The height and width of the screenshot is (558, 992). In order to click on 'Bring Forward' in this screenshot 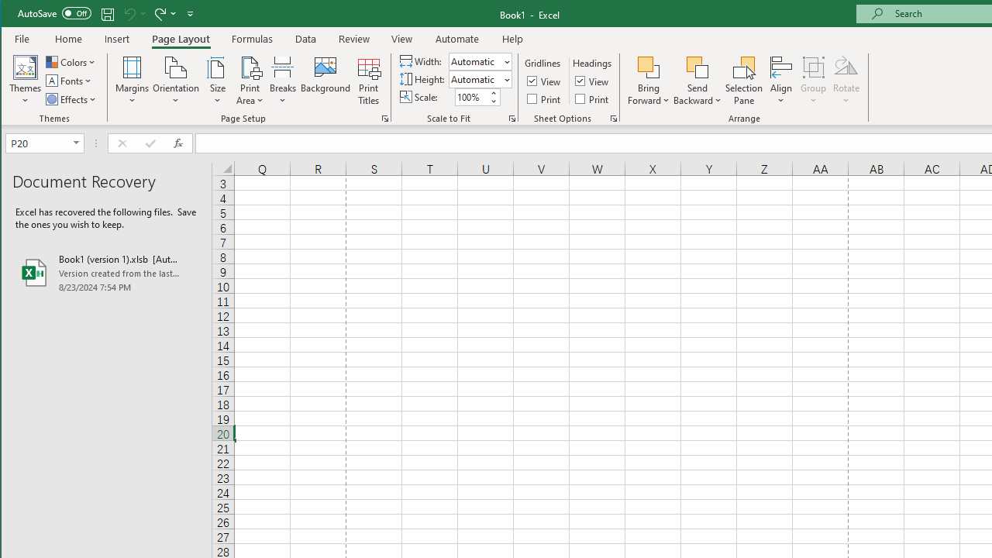, I will do `click(649, 81)`.